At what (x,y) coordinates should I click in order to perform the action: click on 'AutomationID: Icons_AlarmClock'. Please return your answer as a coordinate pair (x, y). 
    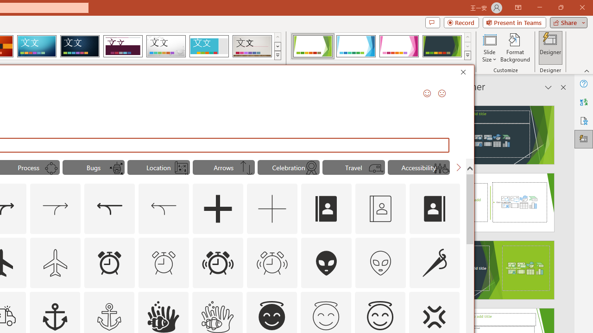
    Looking at the image, I should click on (109, 263).